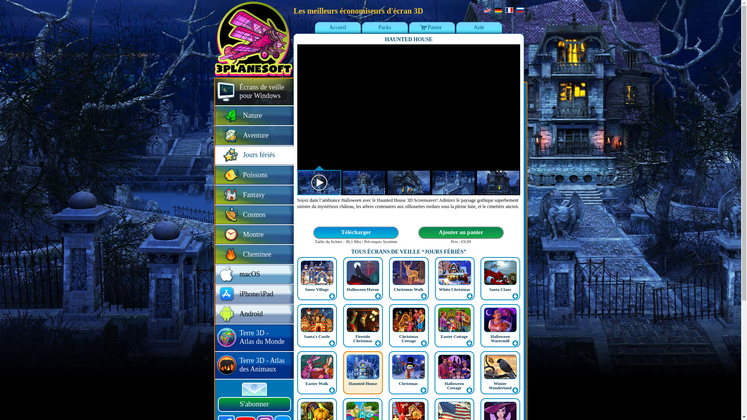  Describe the element at coordinates (454, 385) in the screenshot. I see `'Halloween Cottage'` at that location.